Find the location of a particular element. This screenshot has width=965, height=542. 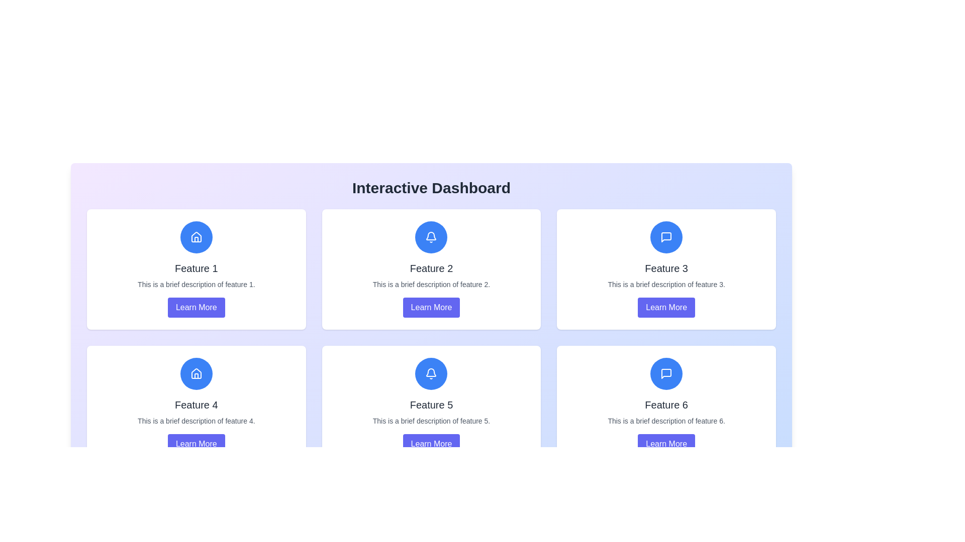

third feature icon representing 'feature 6', which is located in the bottom-right of the layout within a circular blue background is located at coordinates (666, 373).